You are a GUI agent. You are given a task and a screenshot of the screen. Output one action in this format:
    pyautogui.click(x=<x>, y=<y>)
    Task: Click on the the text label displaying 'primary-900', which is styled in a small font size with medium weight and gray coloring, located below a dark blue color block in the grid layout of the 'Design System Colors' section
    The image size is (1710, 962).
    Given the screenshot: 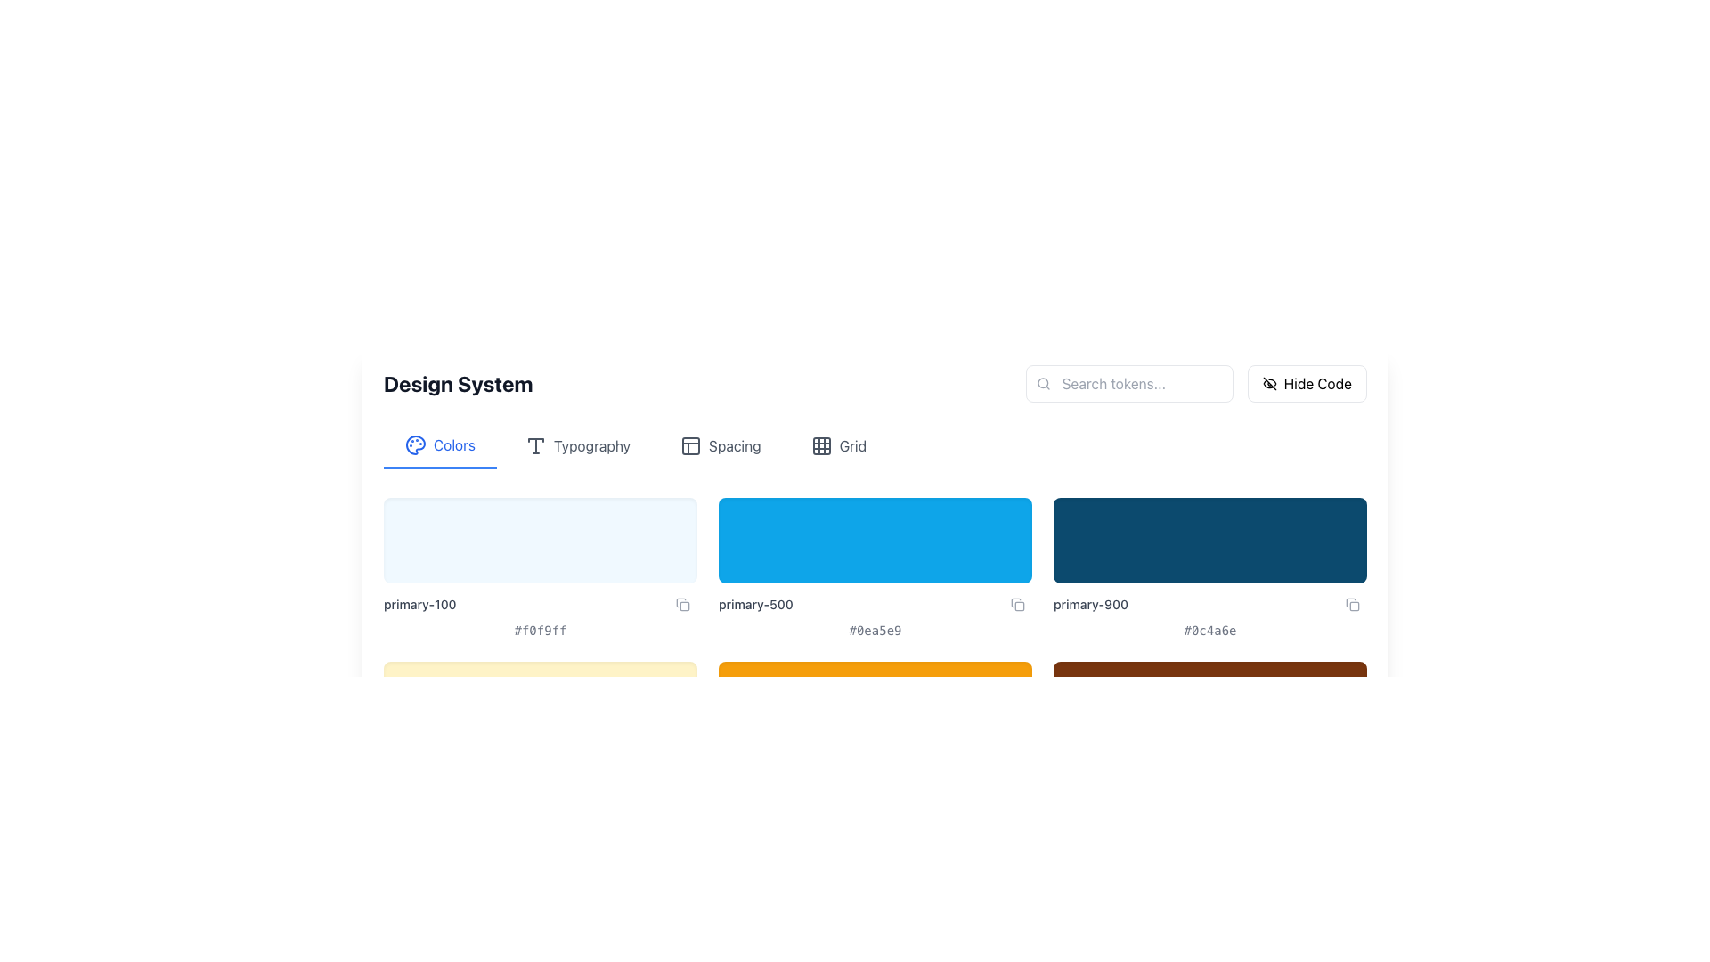 What is the action you would take?
    pyautogui.click(x=1089, y=603)
    